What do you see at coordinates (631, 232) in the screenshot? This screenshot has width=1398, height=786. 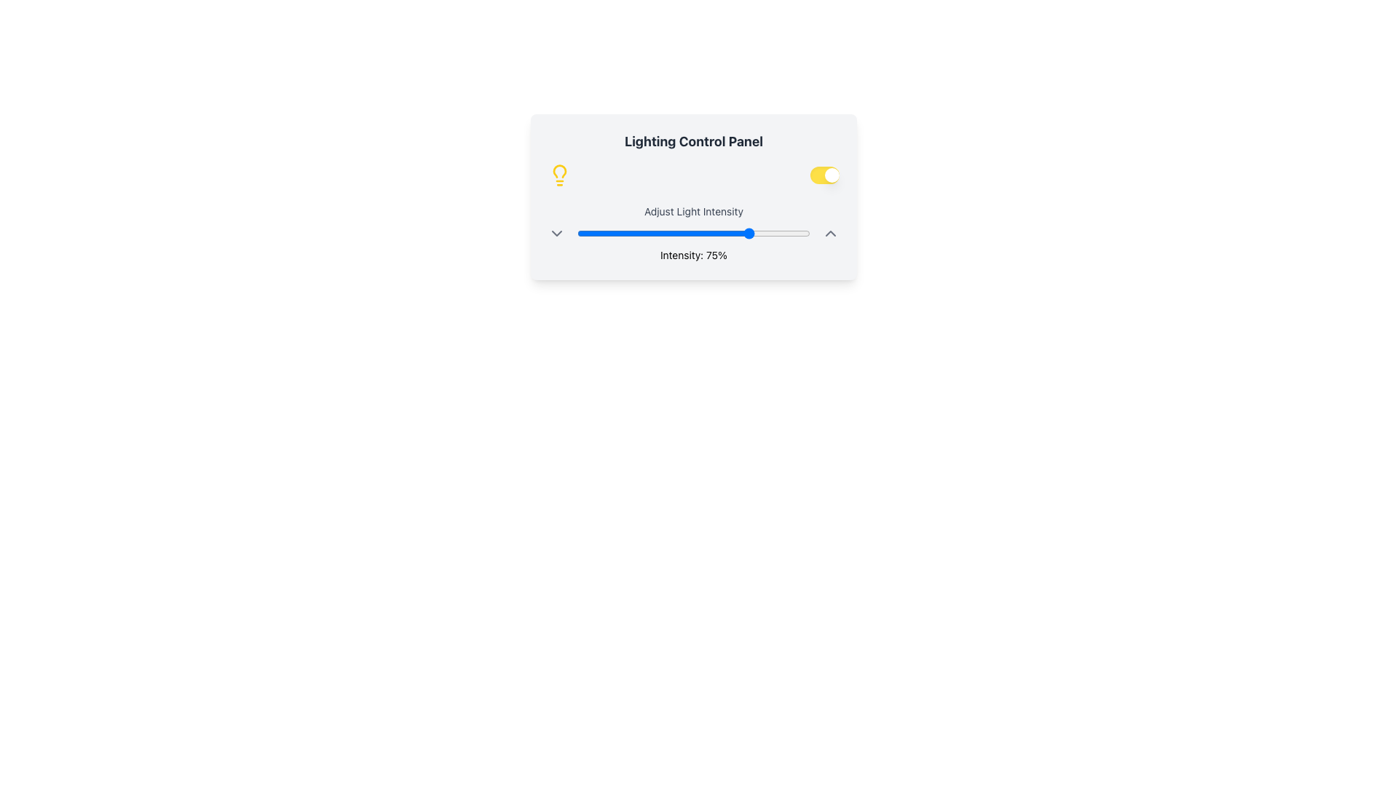 I see `light intensity` at bounding box center [631, 232].